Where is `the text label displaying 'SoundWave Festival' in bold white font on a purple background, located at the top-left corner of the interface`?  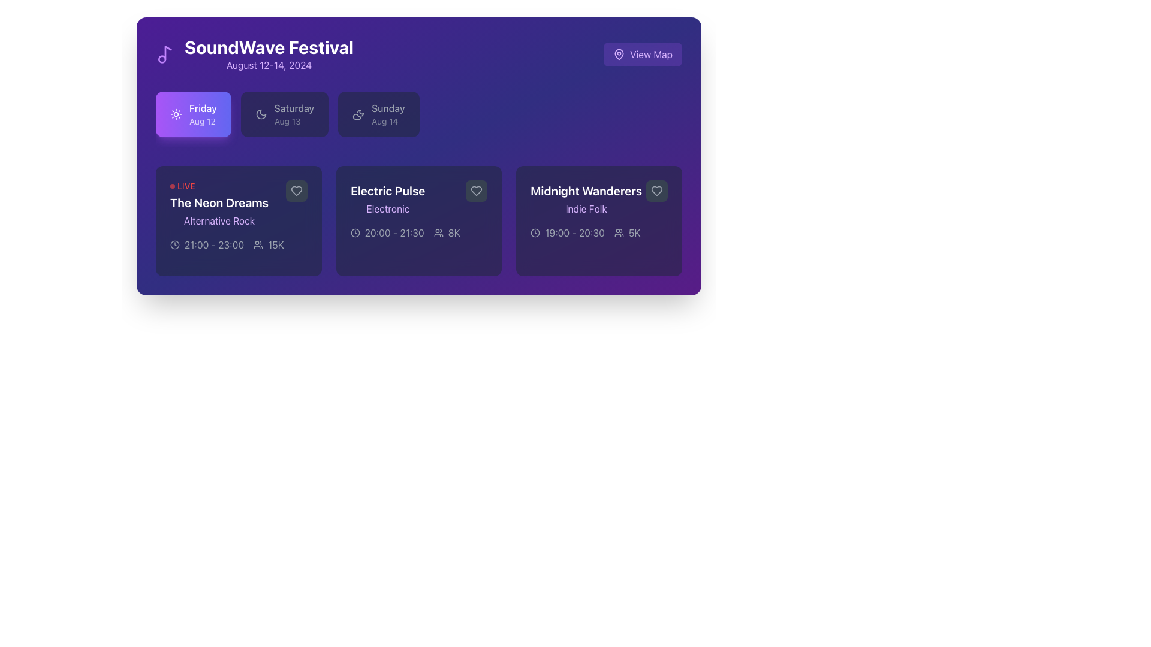
the text label displaying 'SoundWave Festival' in bold white font on a purple background, located at the top-left corner of the interface is located at coordinates (269, 46).